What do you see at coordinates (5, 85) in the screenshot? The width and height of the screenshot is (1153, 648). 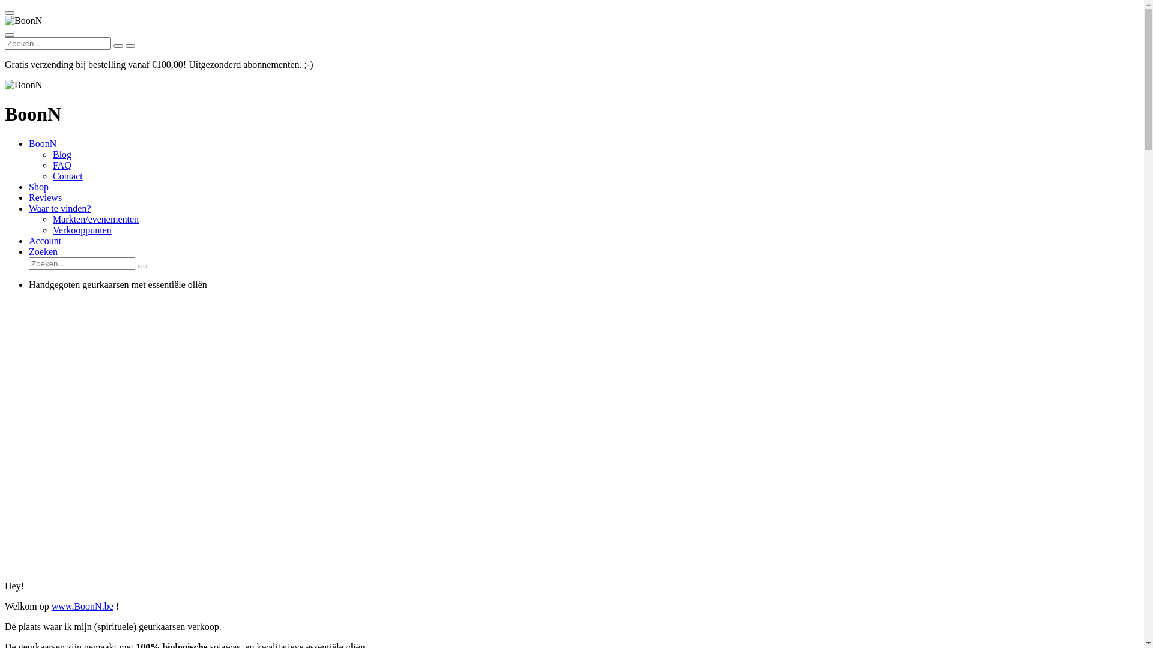 I see `'BoonN'` at bounding box center [5, 85].